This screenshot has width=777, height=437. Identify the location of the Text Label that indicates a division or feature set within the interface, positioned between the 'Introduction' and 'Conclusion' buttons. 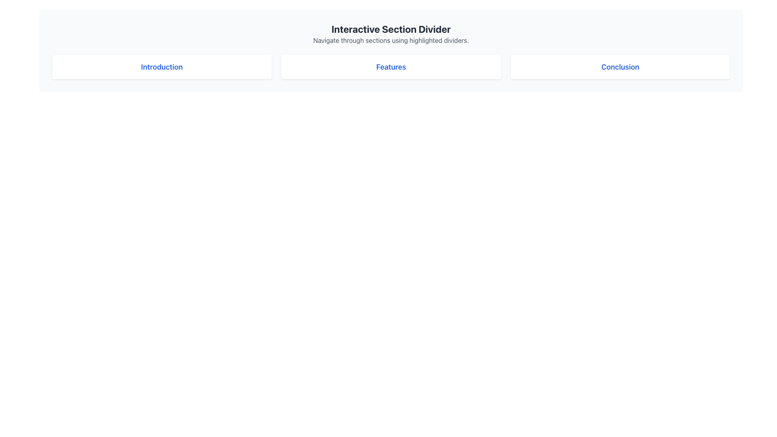
(391, 66).